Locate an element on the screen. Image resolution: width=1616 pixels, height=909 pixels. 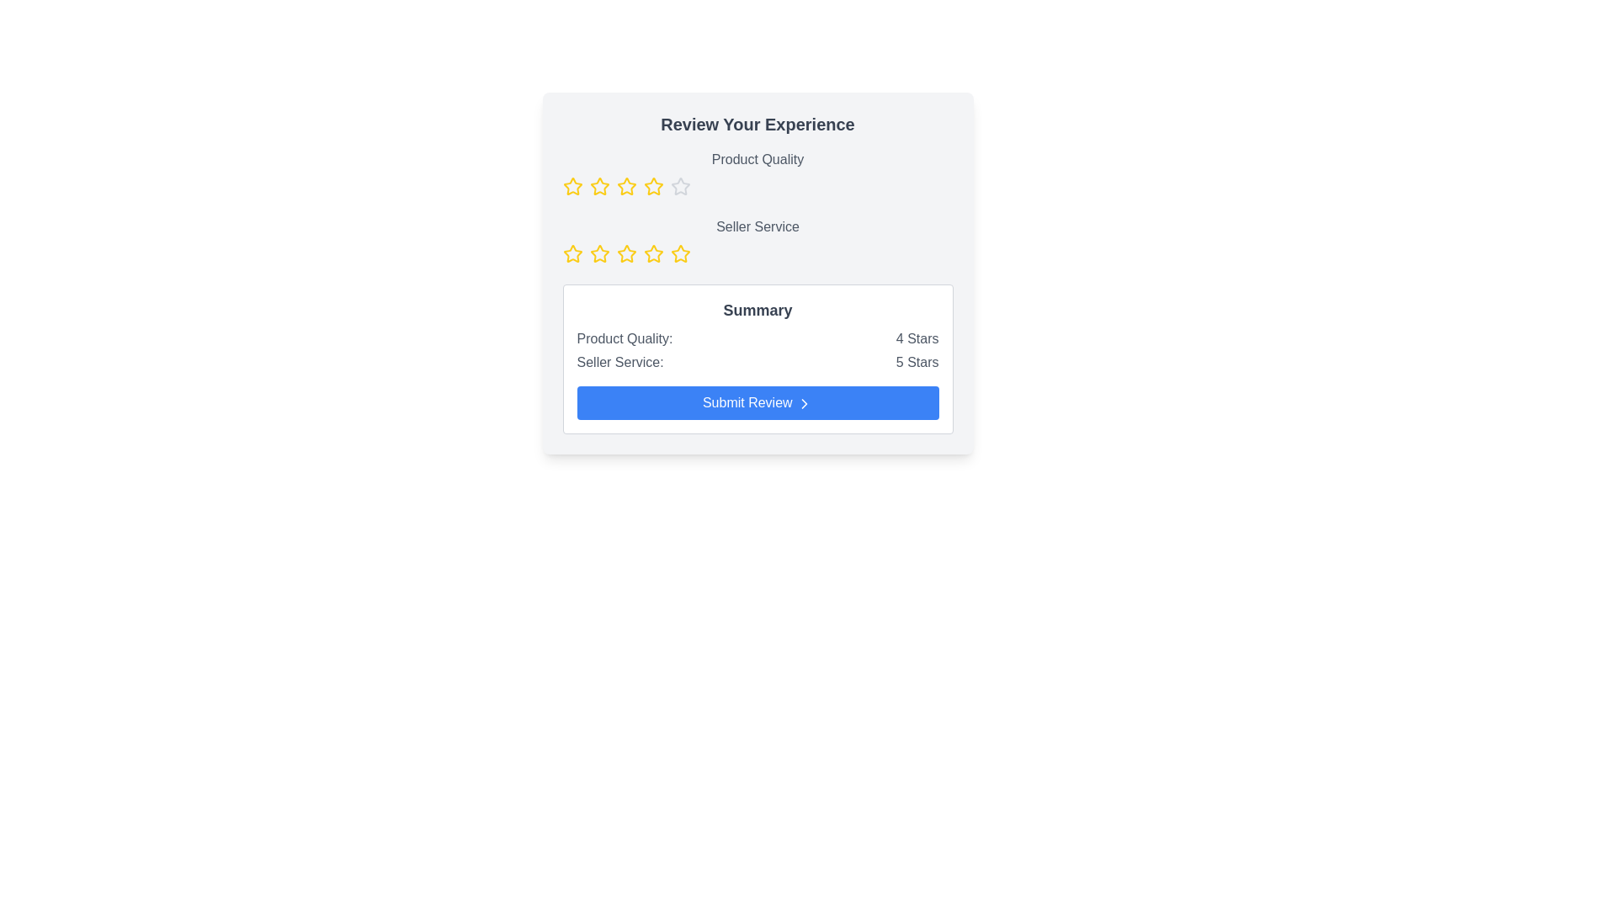
the fourth yellow star icon in the second row of the rating system under the 'Seller Service' label is located at coordinates (625, 253).